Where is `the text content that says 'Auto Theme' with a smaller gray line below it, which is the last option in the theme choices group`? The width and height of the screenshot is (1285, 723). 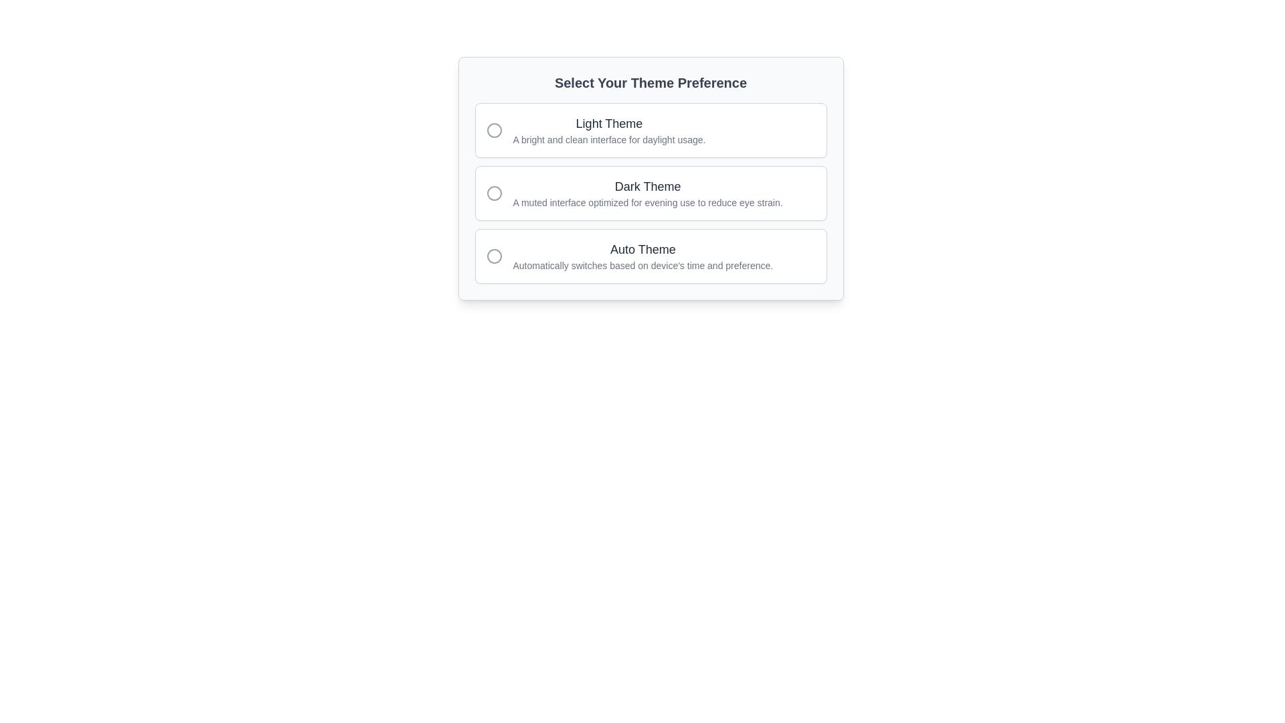 the text content that says 'Auto Theme' with a smaller gray line below it, which is the last option in the theme choices group is located at coordinates (642, 256).